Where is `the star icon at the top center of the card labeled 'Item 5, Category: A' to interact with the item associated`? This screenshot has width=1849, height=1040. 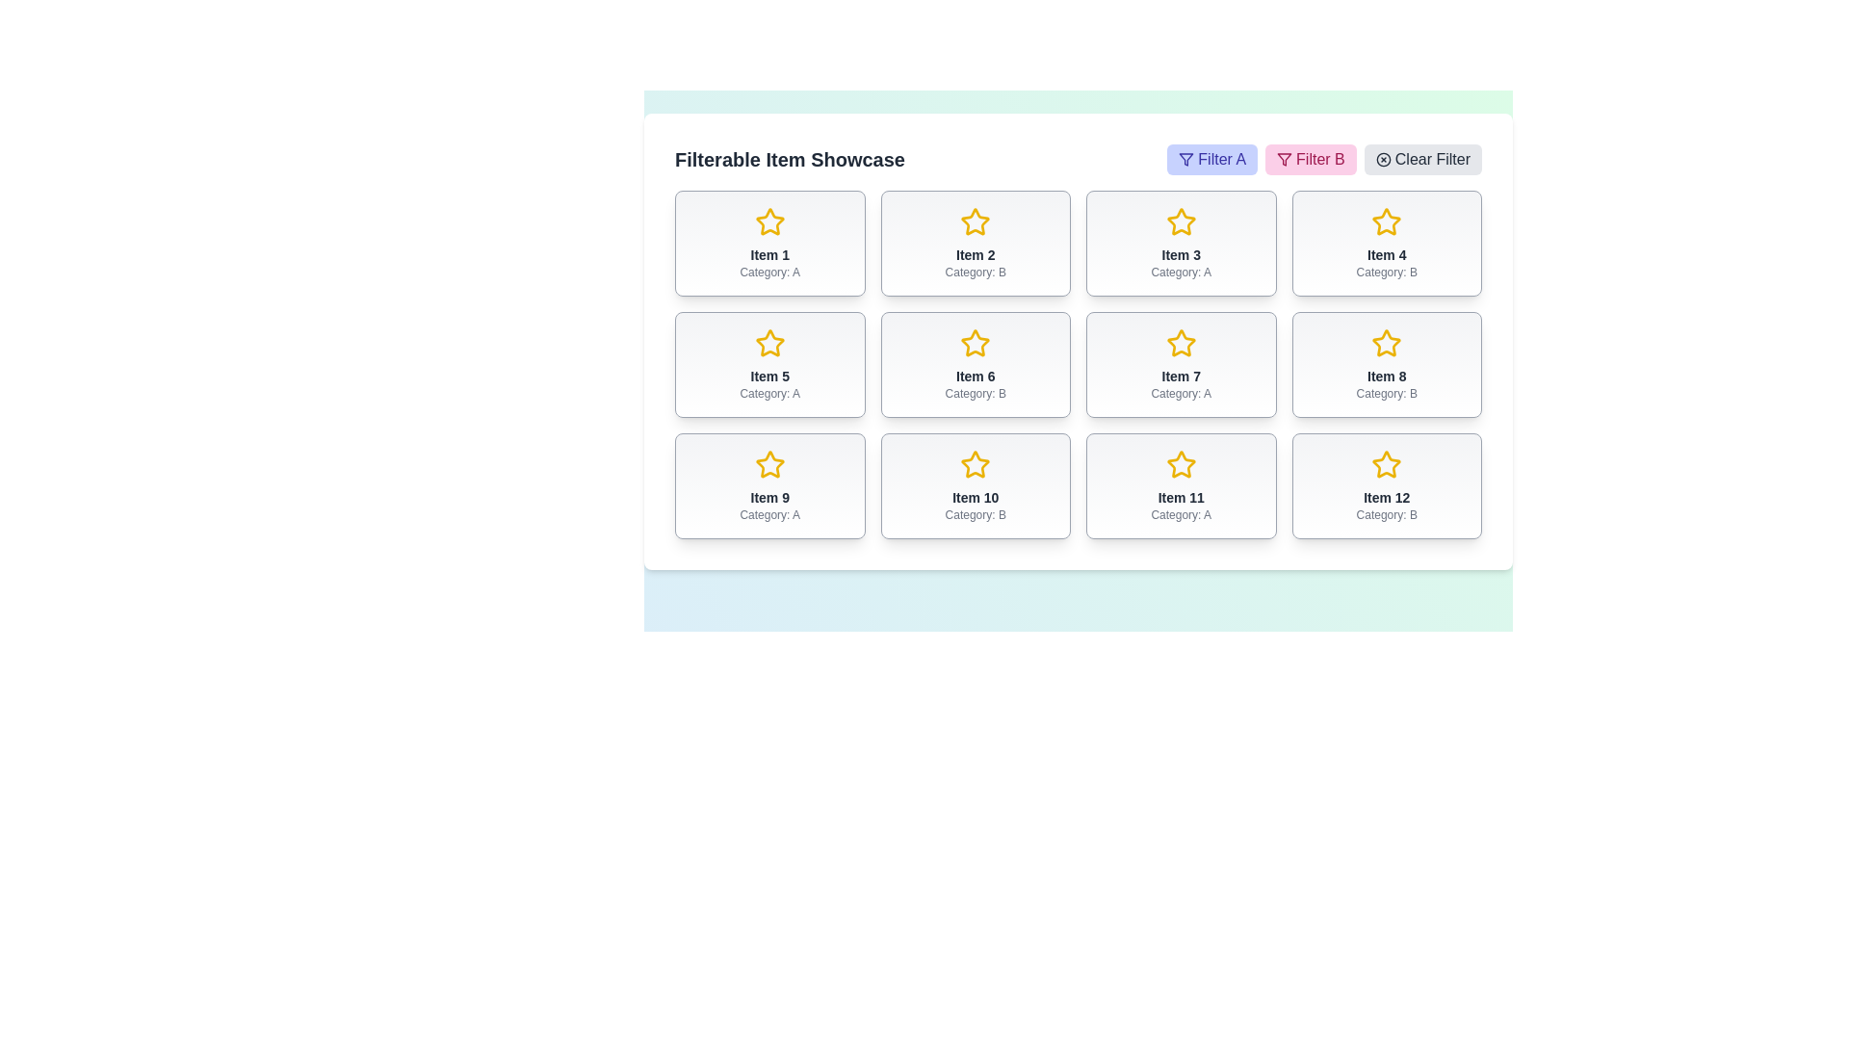
the star icon at the top center of the card labeled 'Item 5, Category: A' to interact with the item associated is located at coordinates (768, 343).